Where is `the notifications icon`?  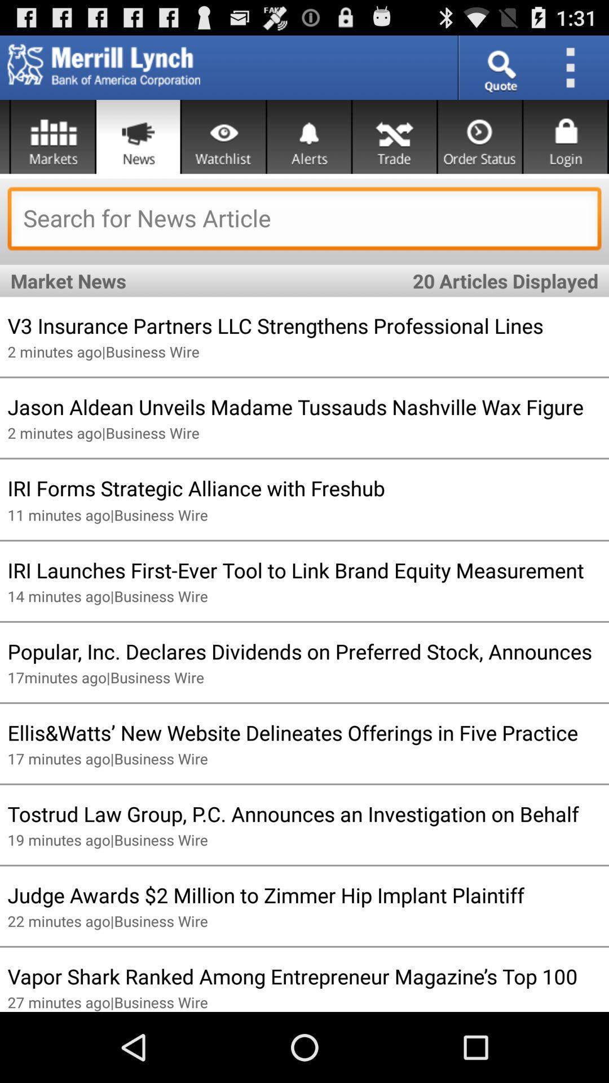 the notifications icon is located at coordinates (309, 146).